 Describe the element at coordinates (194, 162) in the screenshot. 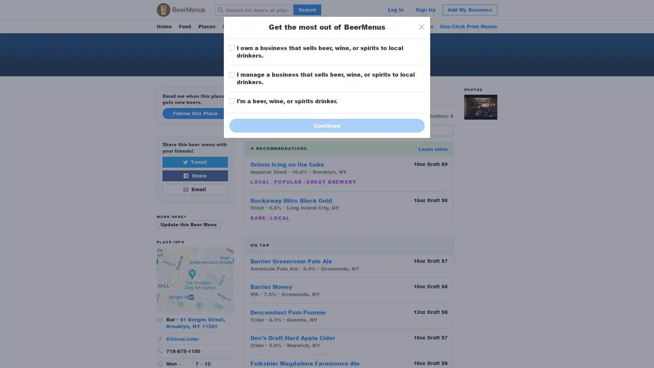

I see `Tweet` at that location.